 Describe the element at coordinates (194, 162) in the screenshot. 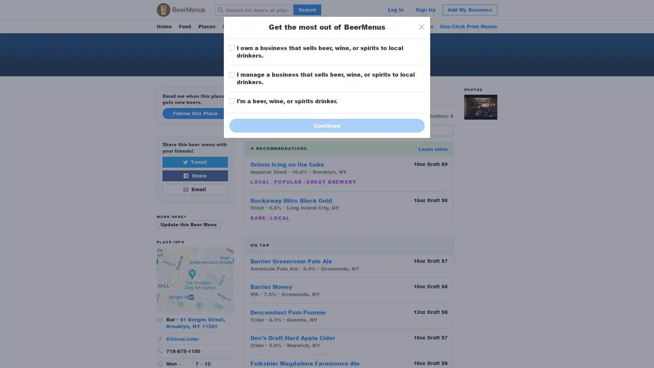

I see `Tweet` at that location.